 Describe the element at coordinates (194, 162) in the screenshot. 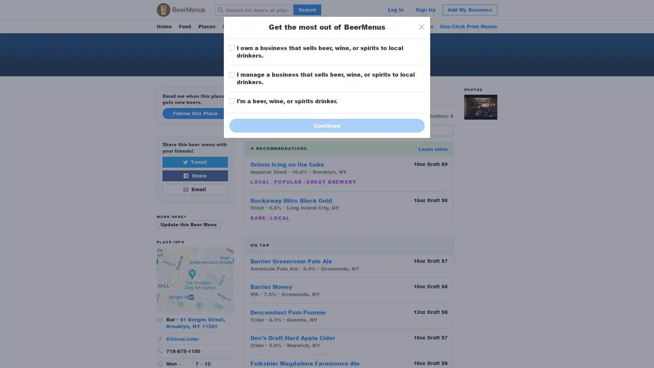

I see `Tweet` at that location.